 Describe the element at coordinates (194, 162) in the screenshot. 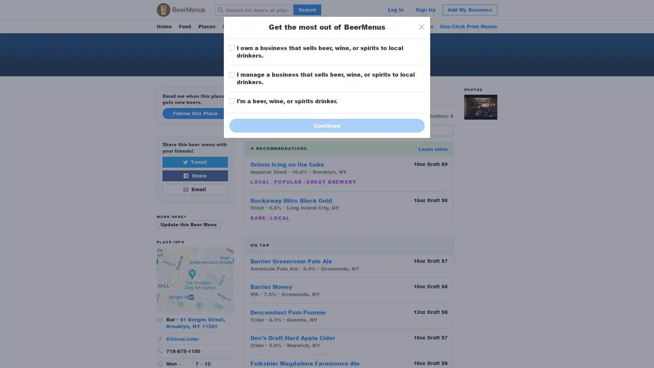

I see `Tweet` at that location.